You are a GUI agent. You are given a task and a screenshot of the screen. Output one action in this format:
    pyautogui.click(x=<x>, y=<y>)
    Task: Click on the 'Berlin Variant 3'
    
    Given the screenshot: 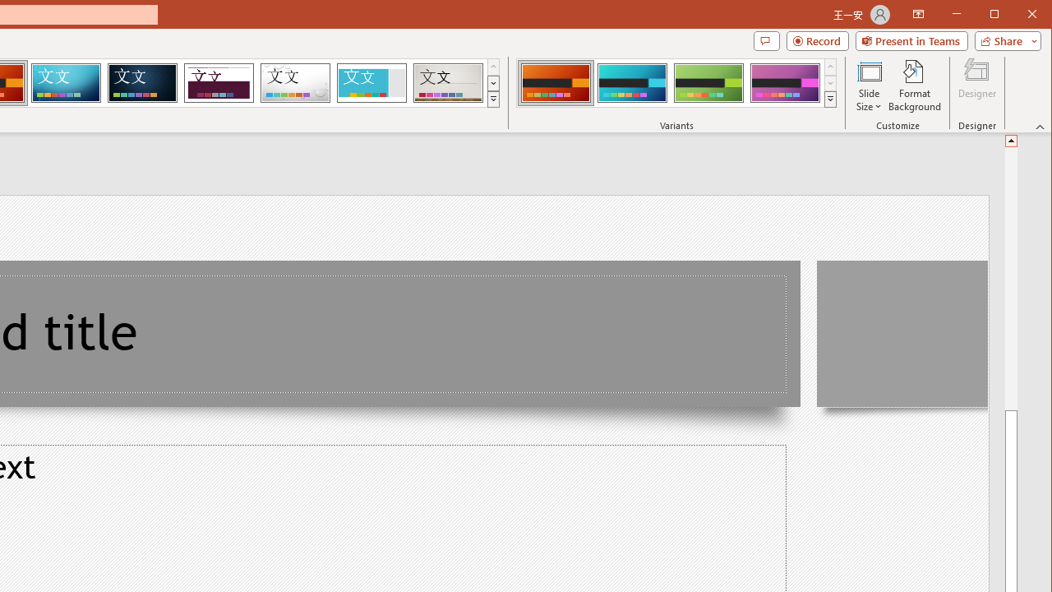 What is the action you would take?
    pyautogui.click(x=708, y=82)
    